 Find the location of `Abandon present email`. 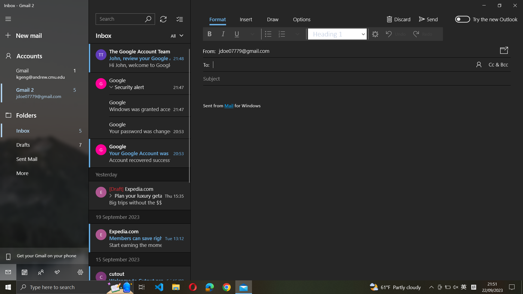

Abandon present email is located at coordinates (398, 18).